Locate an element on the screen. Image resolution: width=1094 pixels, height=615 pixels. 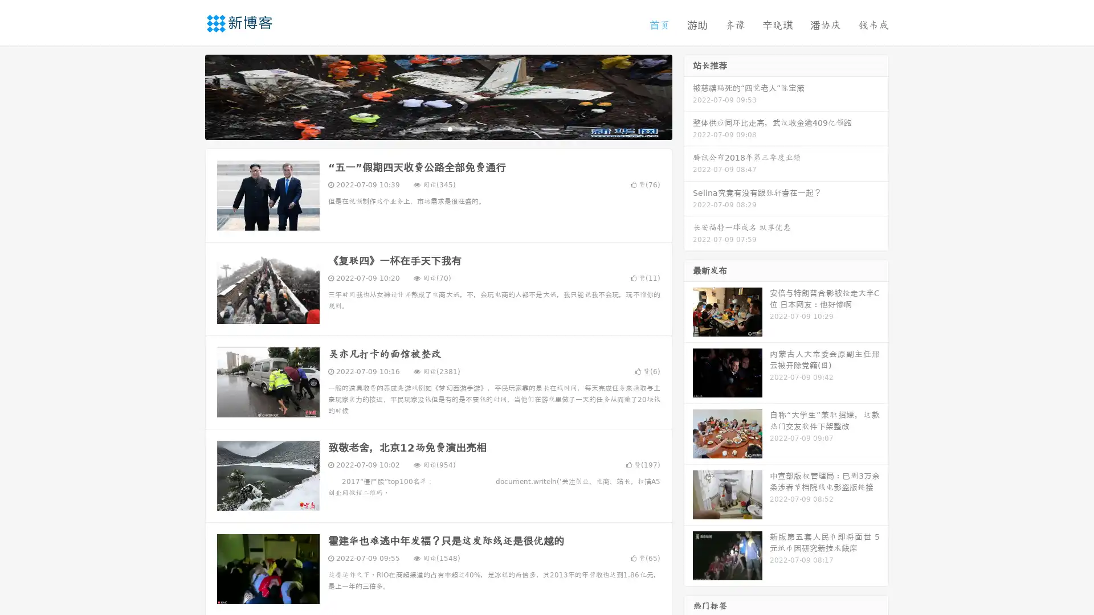
Previous slide is located at coordinates (188, 96).